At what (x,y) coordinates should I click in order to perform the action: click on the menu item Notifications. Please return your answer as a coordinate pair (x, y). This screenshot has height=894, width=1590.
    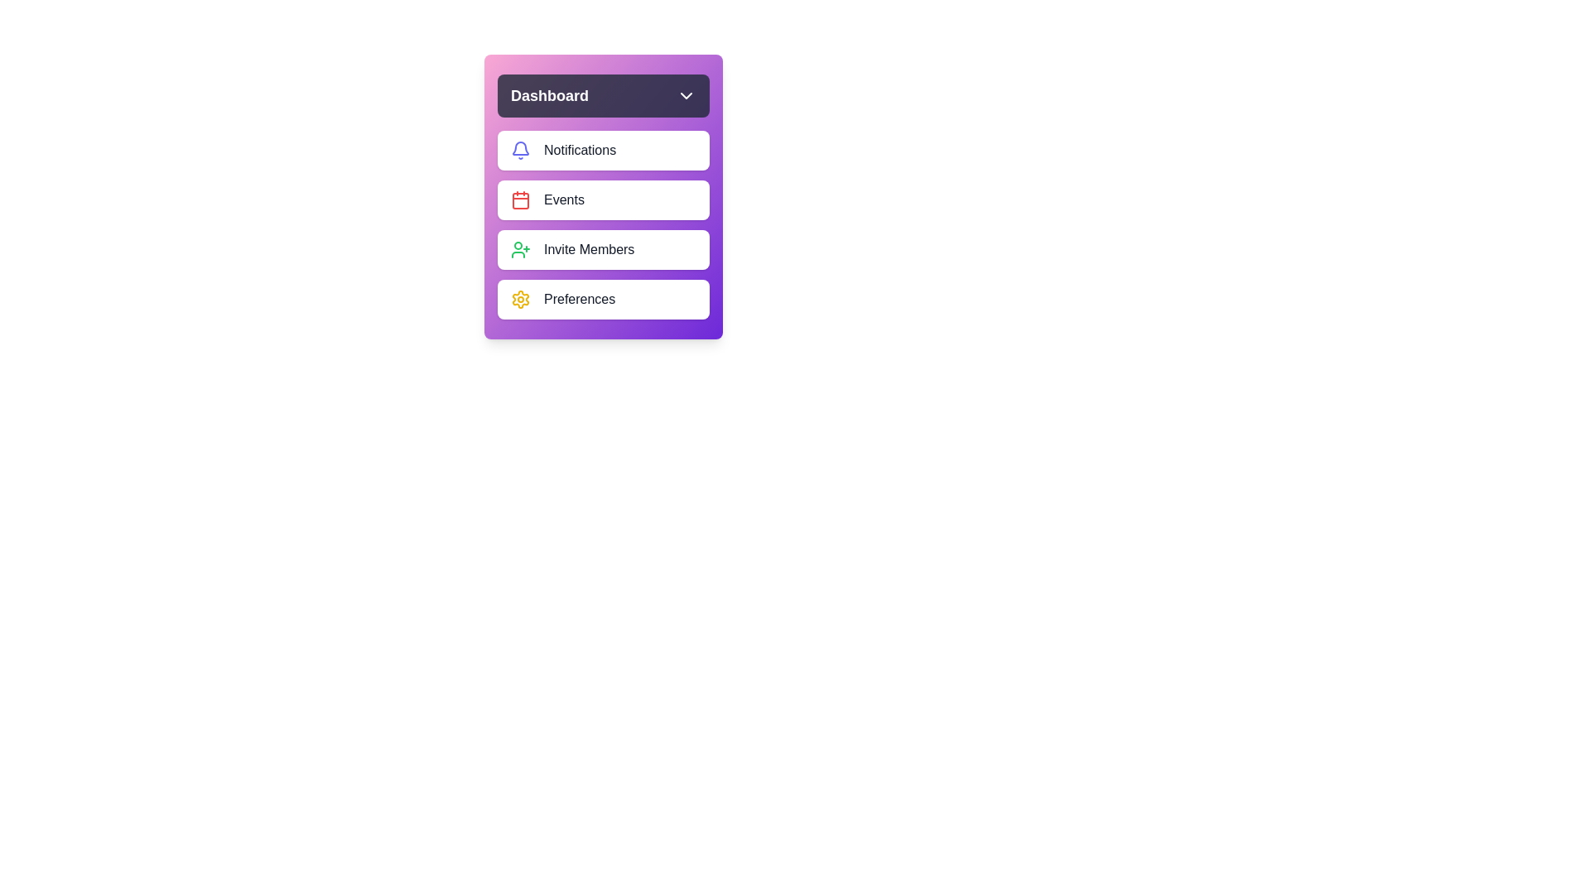
    Looking at the image, I should click on (603, 150).